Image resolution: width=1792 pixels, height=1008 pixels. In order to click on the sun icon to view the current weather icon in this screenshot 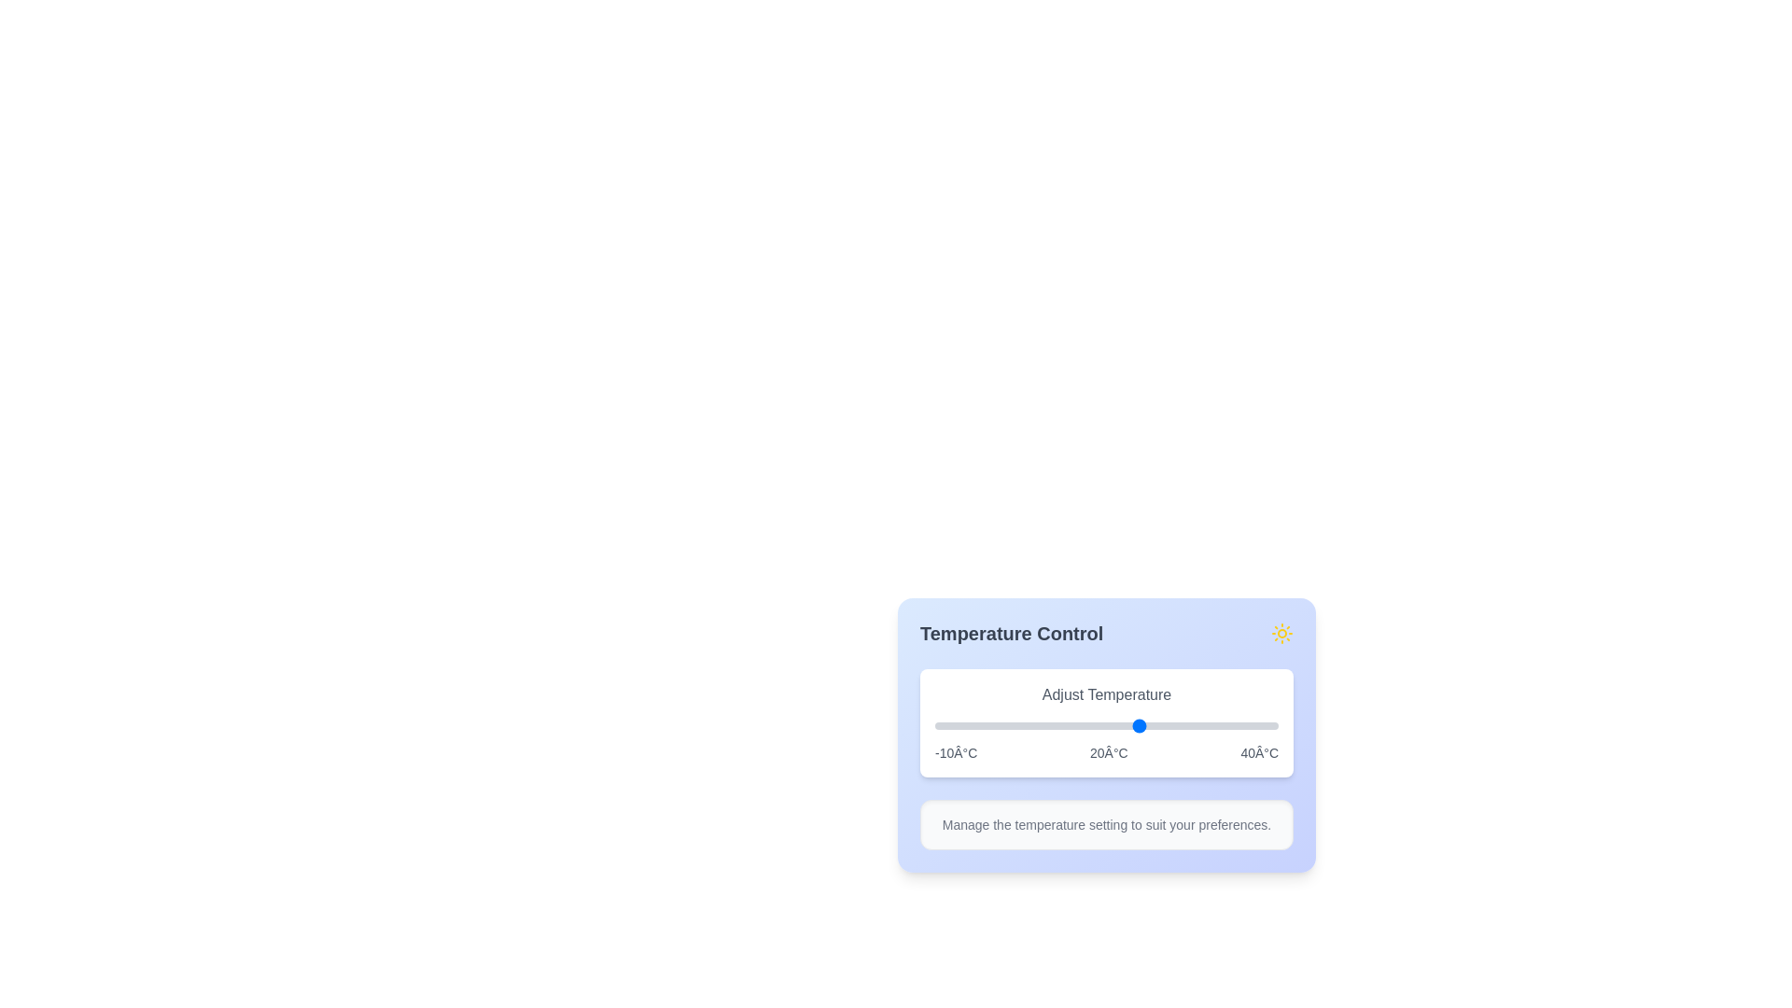, I will do `click(1281, 632)`.